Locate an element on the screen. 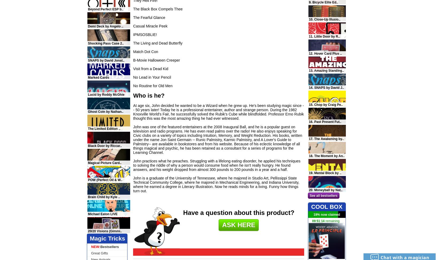 This screenshot has height=260, width=441. '107 reviews' is located at coordinates (335, 74).